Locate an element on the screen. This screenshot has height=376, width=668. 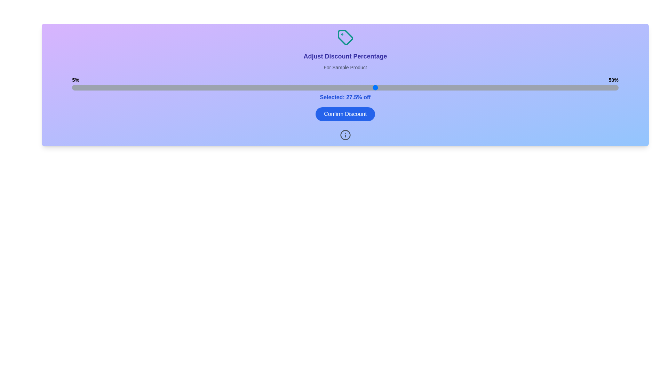
the text label that indicates minimum ('5%') and maximum ('50%') boundaries for the slider bar below it, positioned horizontally centered above the gray slider bar is located at coordinates (345, 80).